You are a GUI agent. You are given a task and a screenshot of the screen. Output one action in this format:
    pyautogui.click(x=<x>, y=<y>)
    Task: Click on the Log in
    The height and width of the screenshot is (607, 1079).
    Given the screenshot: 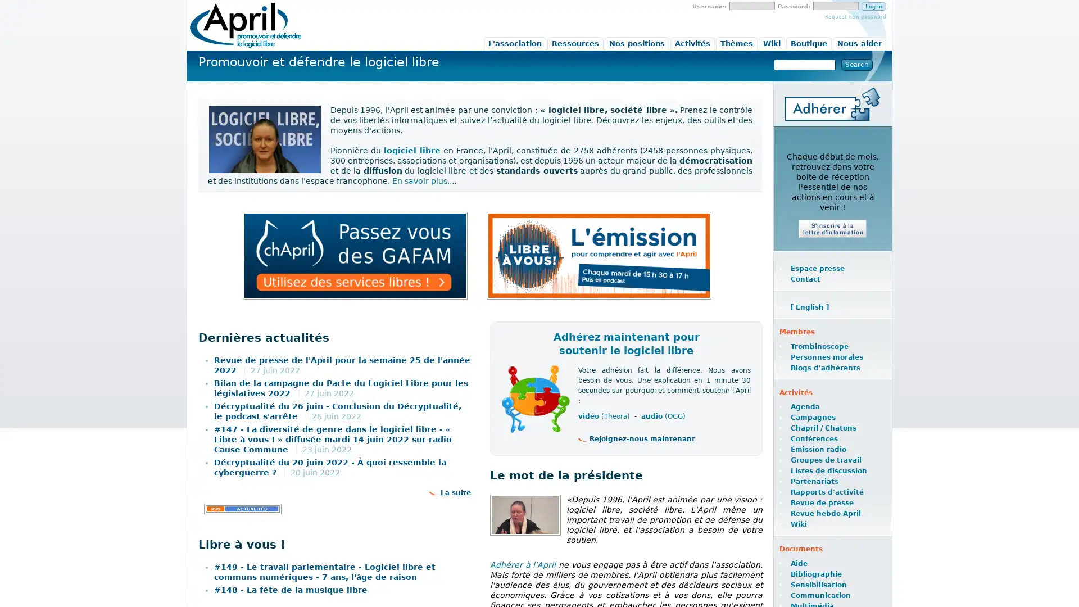 What is the action you would take?
    pyautogui.click(x=873, y=6)
    